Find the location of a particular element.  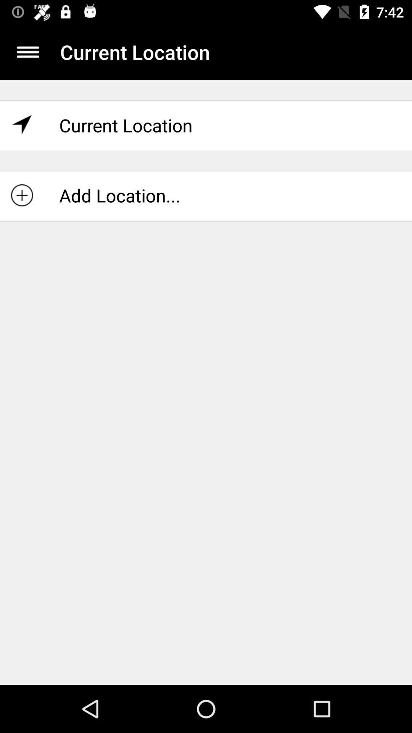

the app next to current location icon is located at coordinates (27, 52).